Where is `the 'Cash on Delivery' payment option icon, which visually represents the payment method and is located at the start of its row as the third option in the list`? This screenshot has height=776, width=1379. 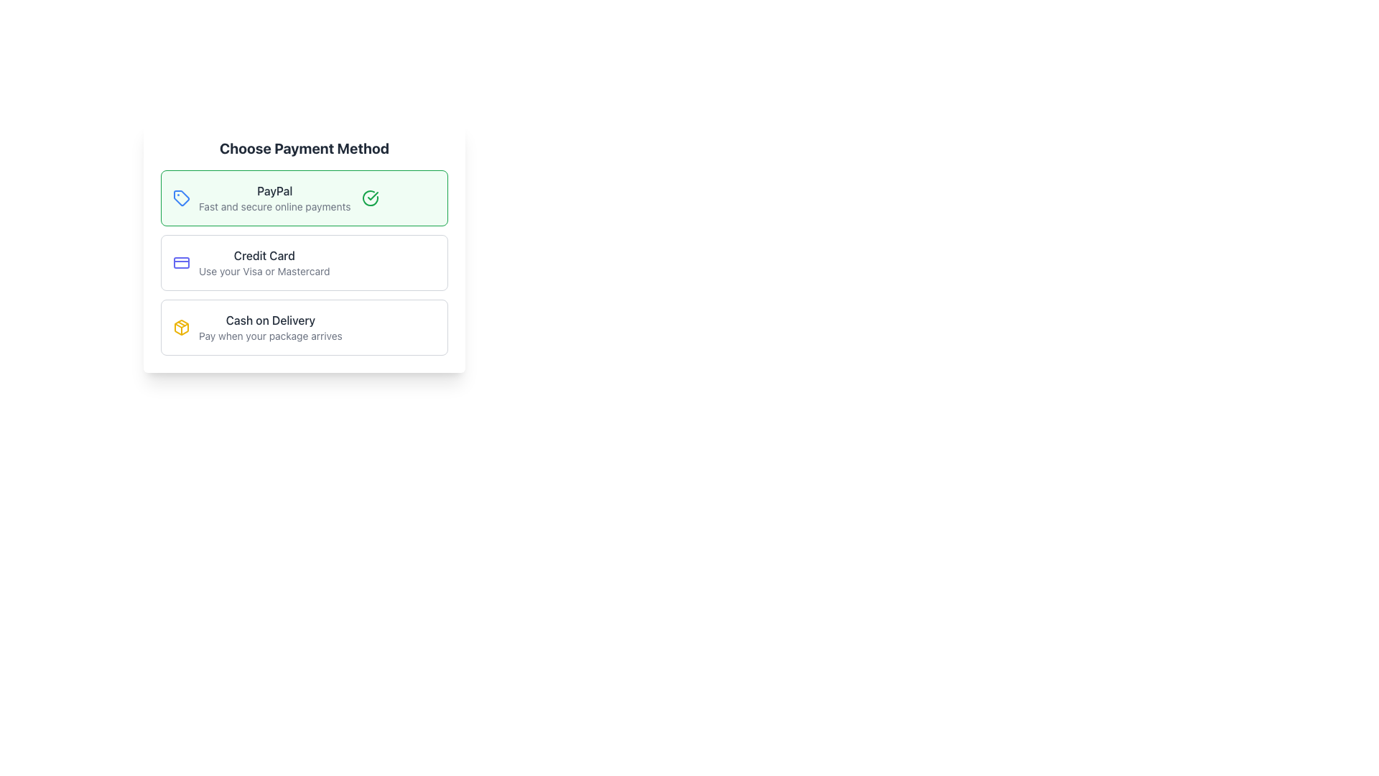
the 'Cash on Delivery' payment option icon, which visually represents the payment method and is located at the start of its row as the third option in the list is located at coordinates (181, 327).